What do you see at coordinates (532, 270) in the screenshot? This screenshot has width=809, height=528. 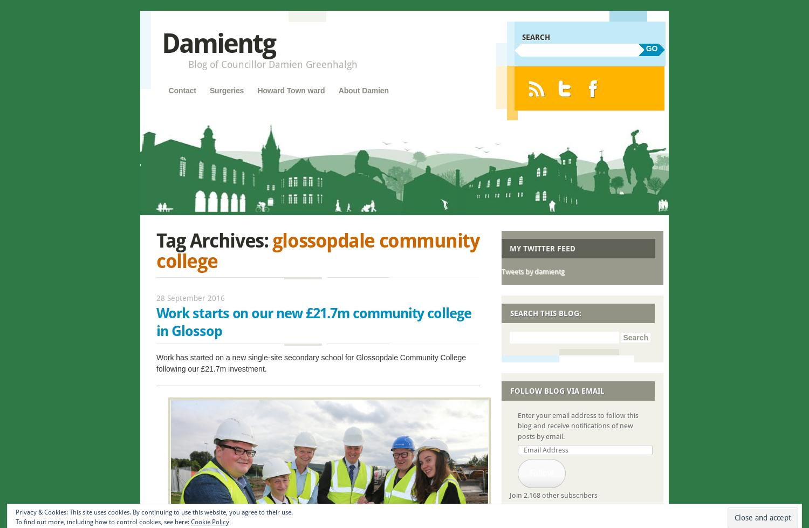 I see `'Tweets by damientg'` at bounding box center [532, 270].